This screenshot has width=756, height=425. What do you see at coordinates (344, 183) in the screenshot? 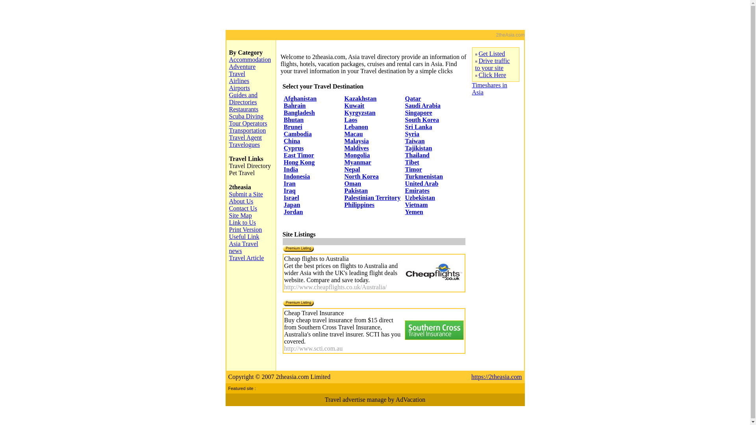
I see `'Oman'` at bounding box center [344, 183].